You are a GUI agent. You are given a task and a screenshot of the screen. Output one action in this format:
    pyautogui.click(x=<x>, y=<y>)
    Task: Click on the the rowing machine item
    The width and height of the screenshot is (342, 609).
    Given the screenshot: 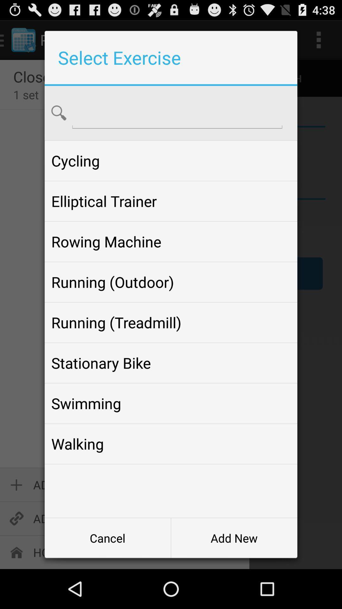 What is the action you would take?
    pyautogui.click(x=171, y=241)
    